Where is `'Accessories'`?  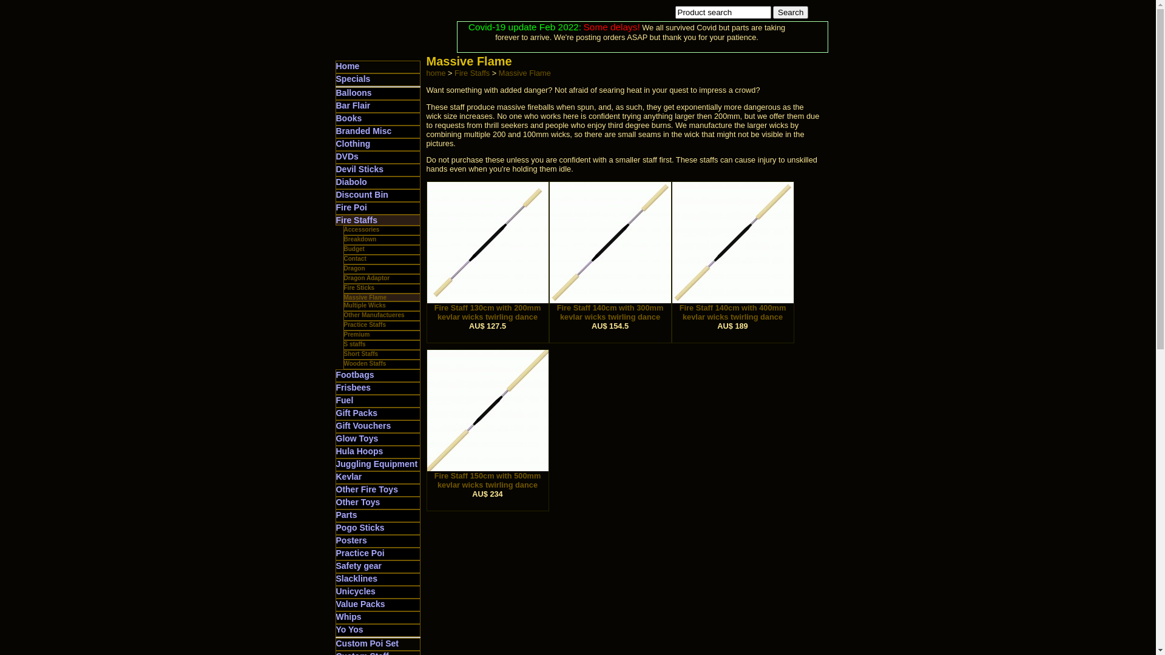
'Accessories' is located at coordinates (360, 229).